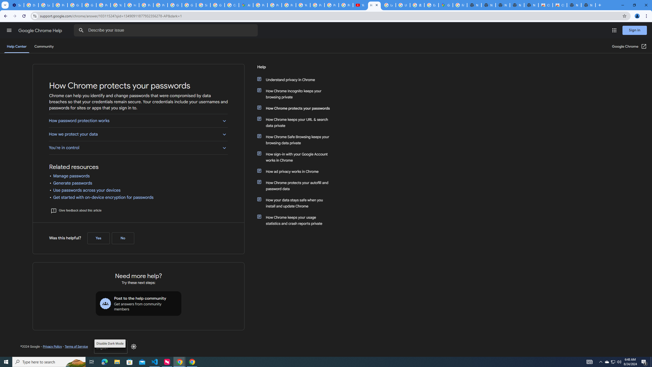 The width and height of the screenshot is (652, 367). I want to click on 'https://scholar.google.com/', so click(132, 5).